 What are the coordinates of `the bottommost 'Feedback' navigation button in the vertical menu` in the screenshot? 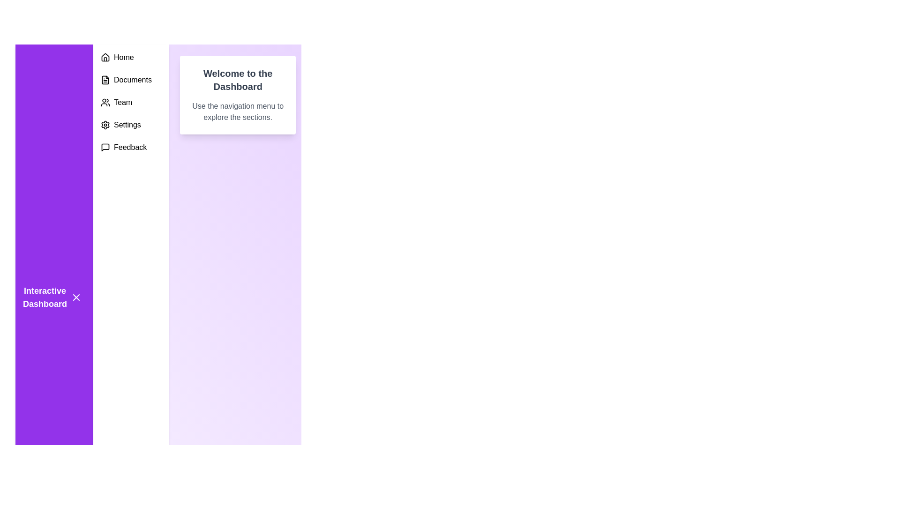 It's located at (130, 148).